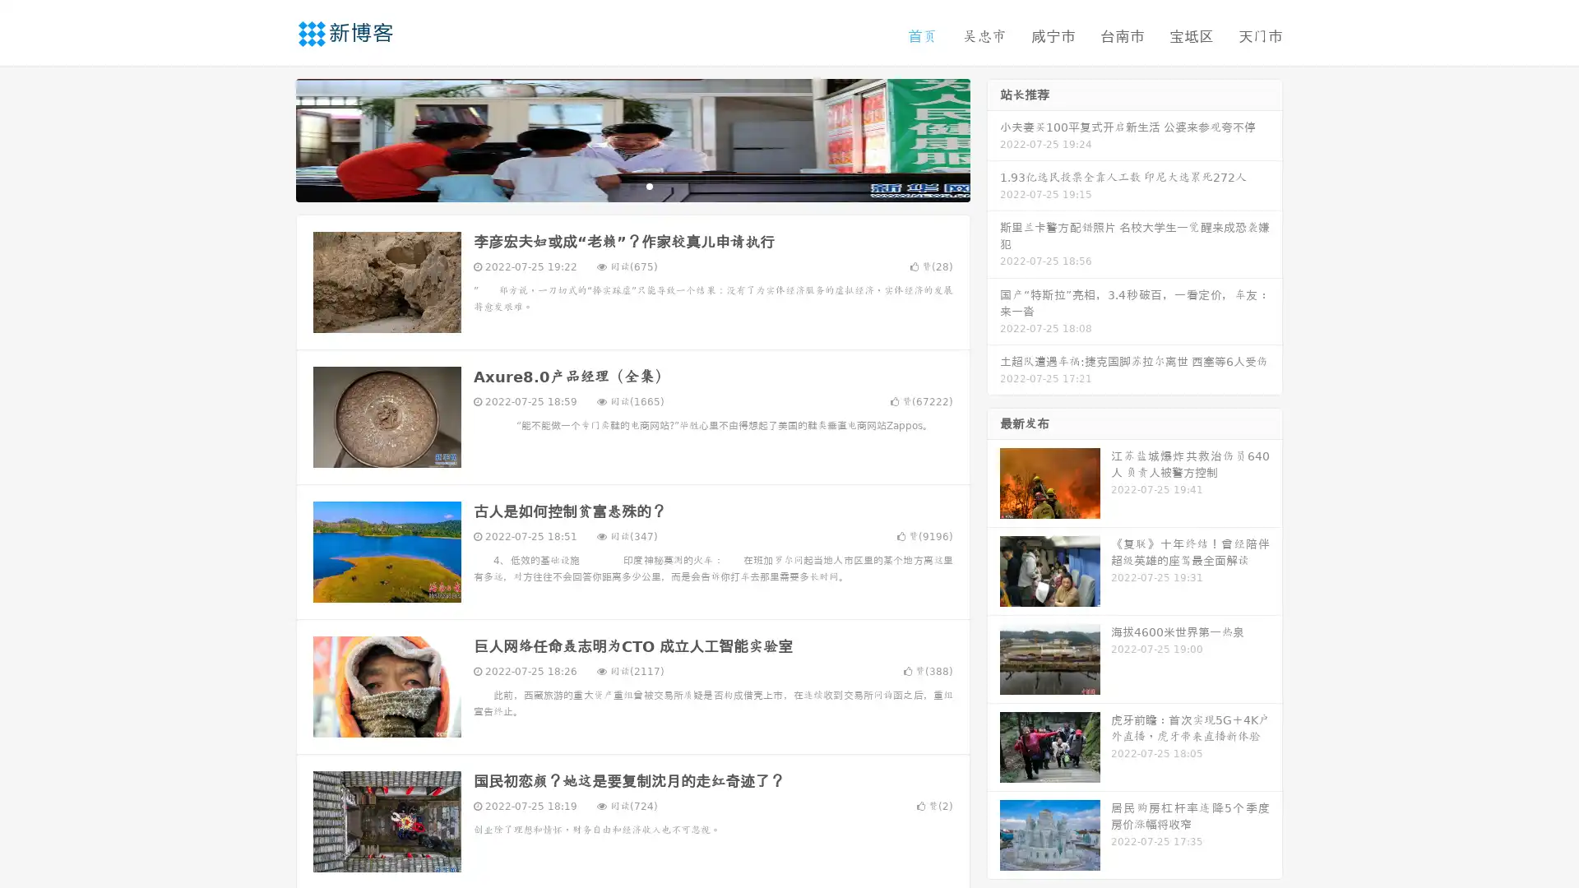  I want to click on Go to slide 3, so click(649, 185).